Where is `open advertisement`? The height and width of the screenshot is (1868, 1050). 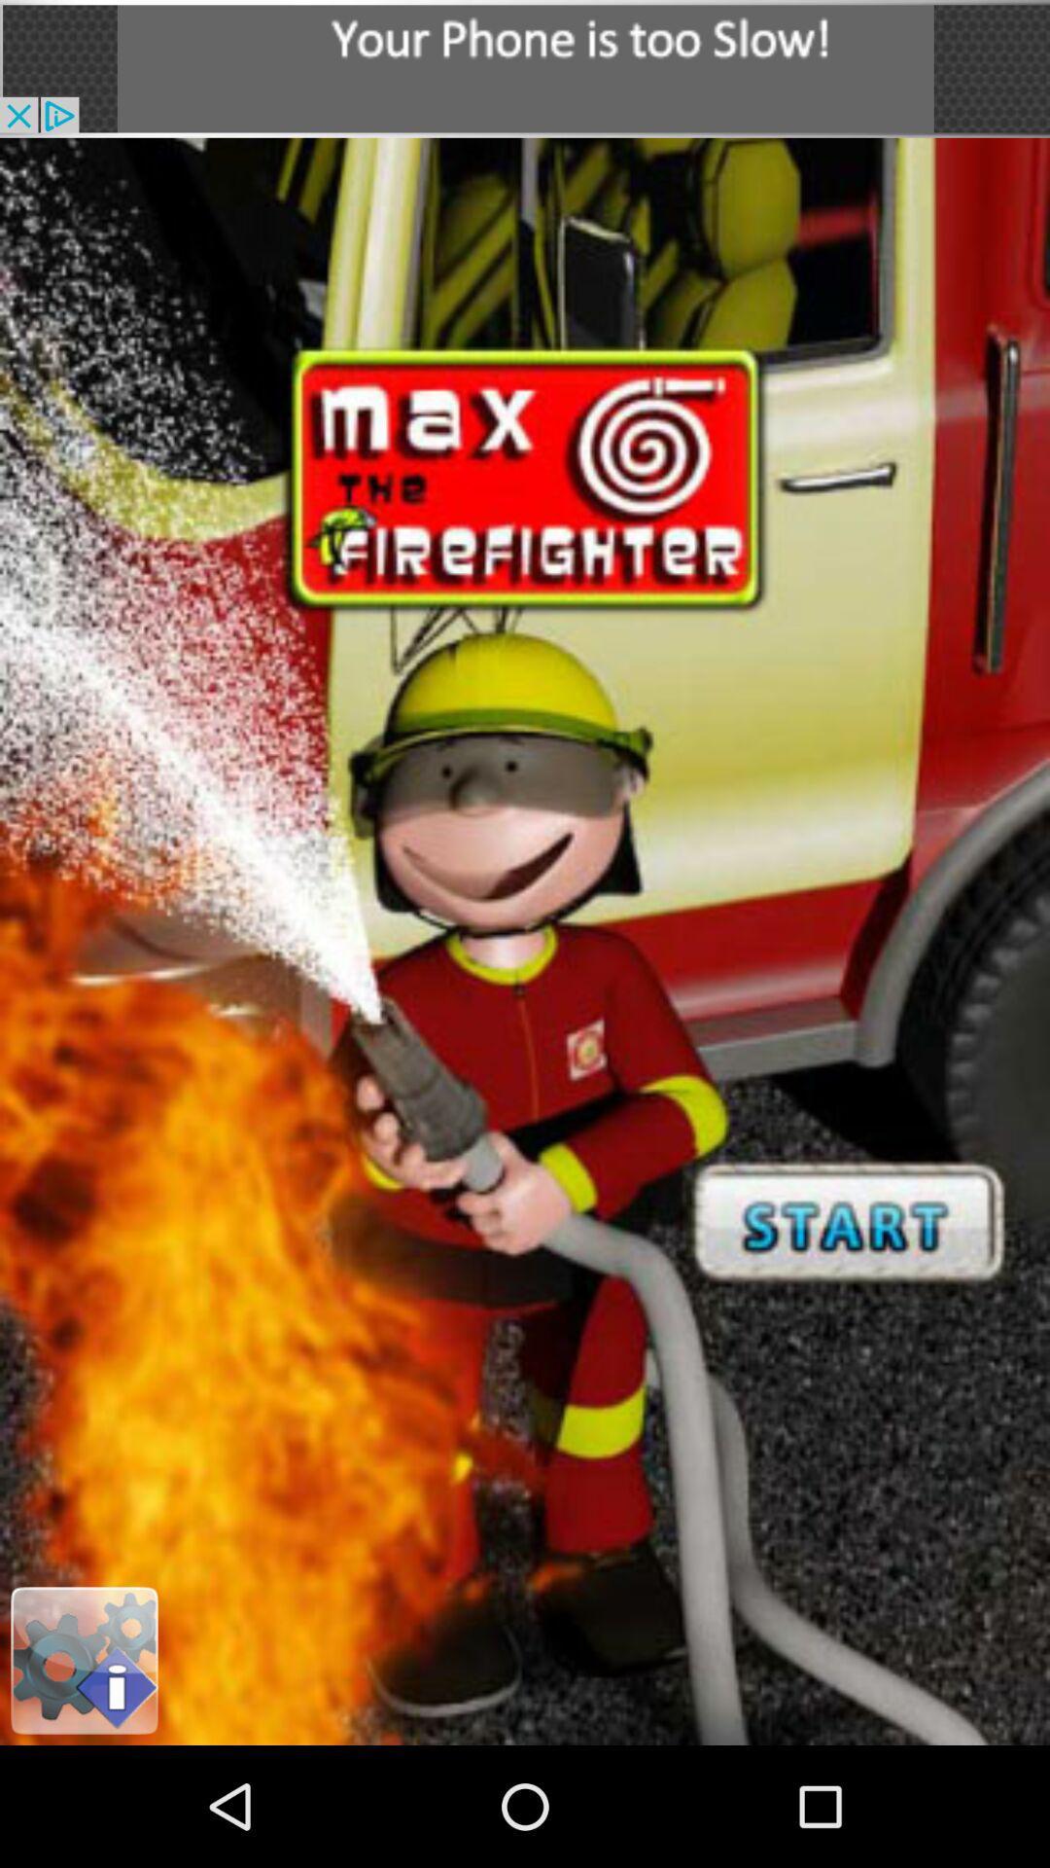
open advertisement is located at coordinates (525, 68).